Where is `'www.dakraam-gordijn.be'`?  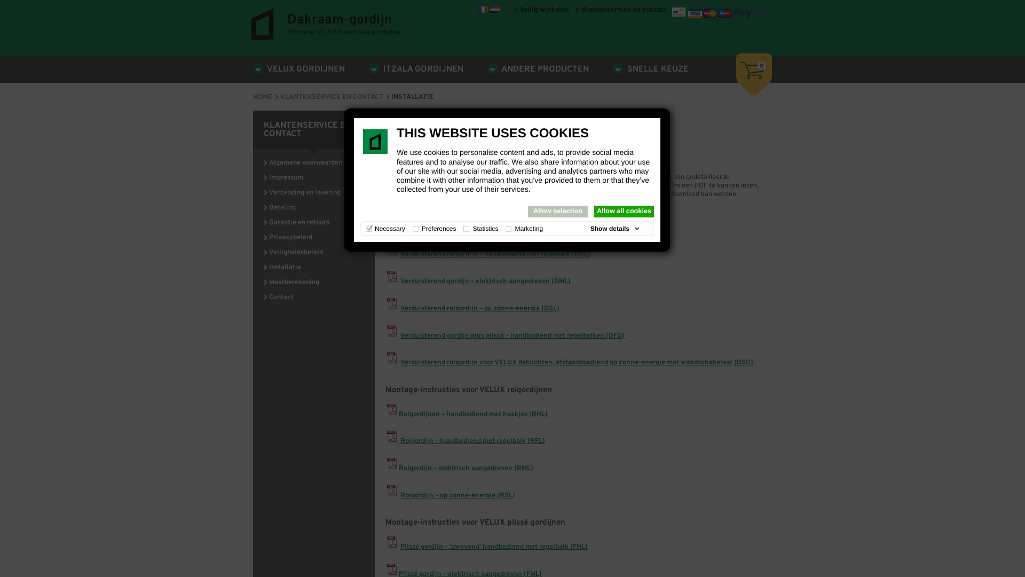
'www.dakraam-gordijn.be' is located at coordinates (483, 10).